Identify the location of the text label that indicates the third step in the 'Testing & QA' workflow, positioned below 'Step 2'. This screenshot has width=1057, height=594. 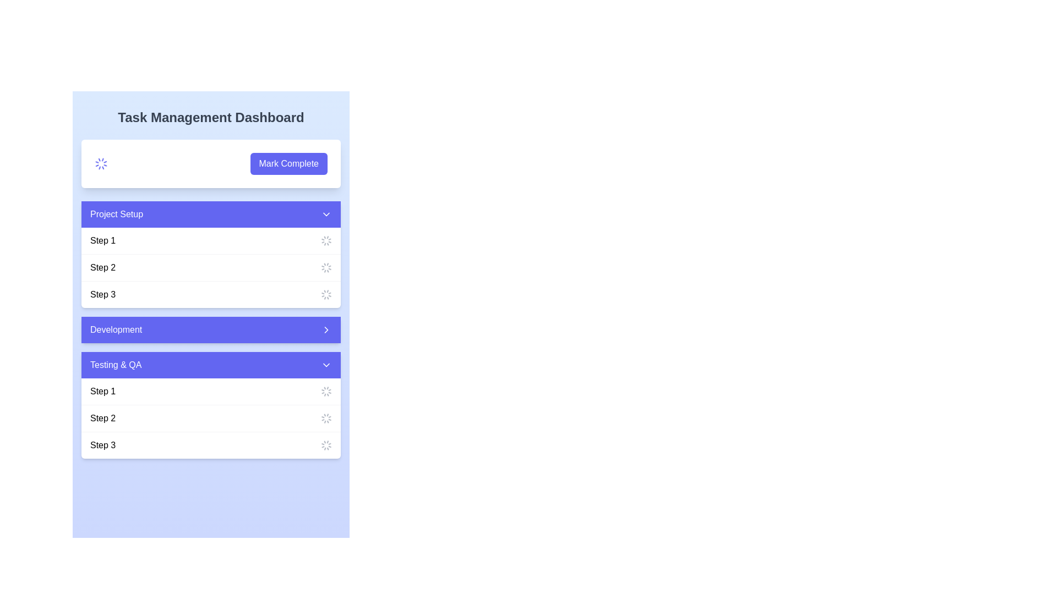
(103, 446).